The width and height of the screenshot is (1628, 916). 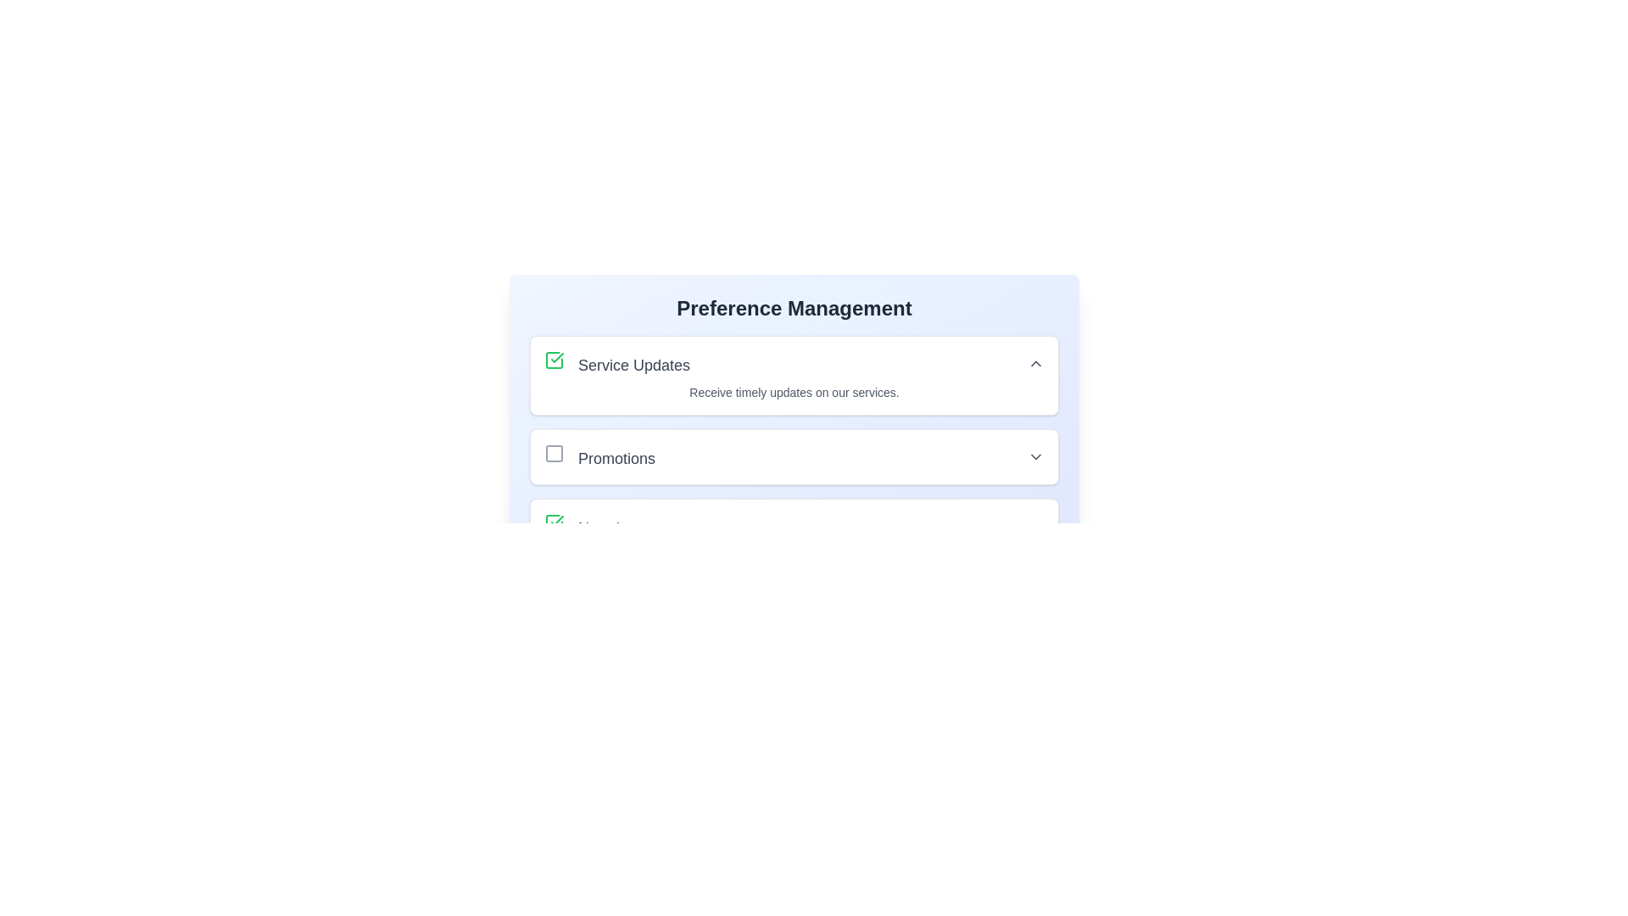 I want to click on the checkbox in the second list item under the 'Service Updates' section on the 'Preference Management' page, so click(x=793, y=456).